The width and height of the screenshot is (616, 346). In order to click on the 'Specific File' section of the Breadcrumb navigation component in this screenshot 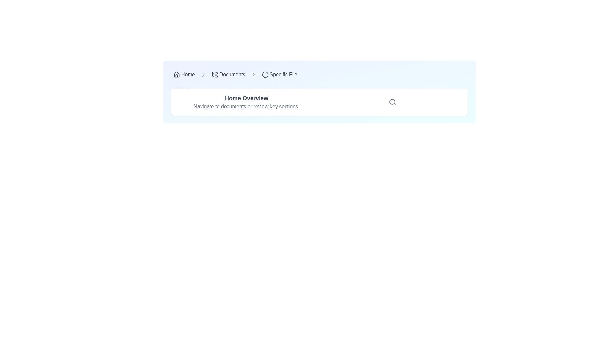, I will do `click(320, 74)`.